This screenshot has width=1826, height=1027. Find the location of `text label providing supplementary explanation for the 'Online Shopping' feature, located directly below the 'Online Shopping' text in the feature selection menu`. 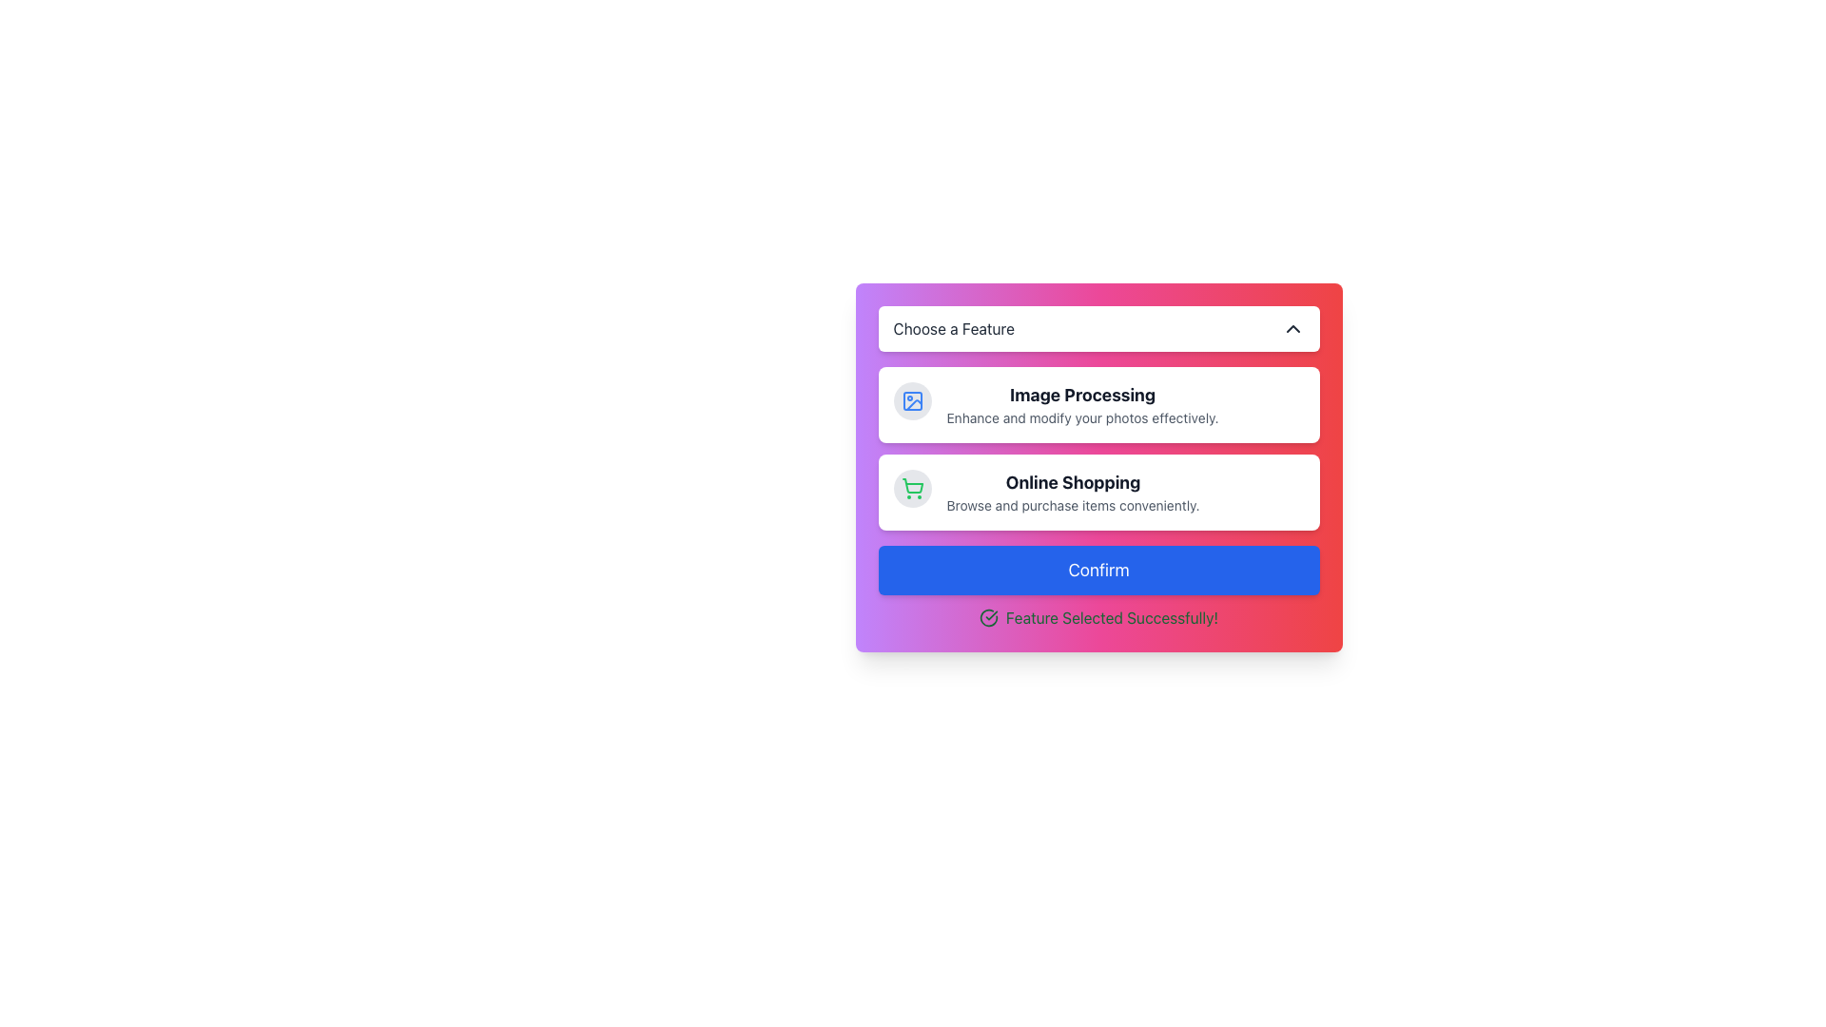

text label providing supplementary explanation for the 'Online Shopping' feature, located directly below the 'Online Shopping' text in the feature selection menu is located at coordinates (1073, 505).